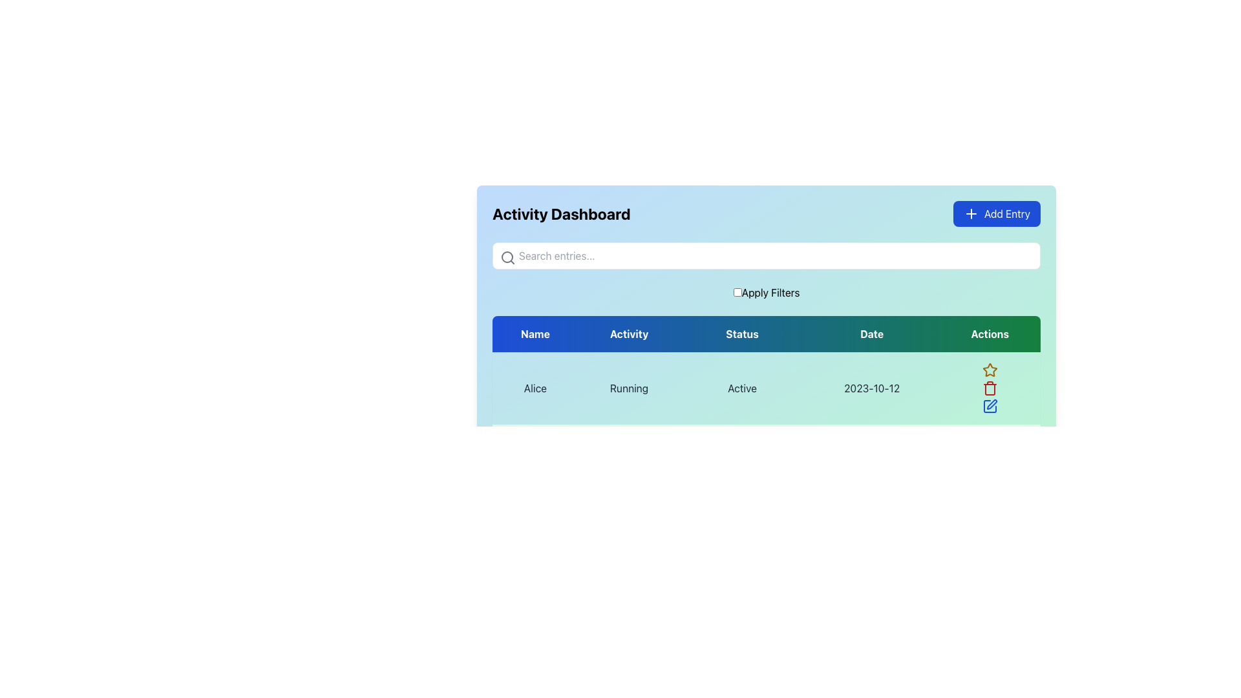  What do you see at coordinates (766, 424) in the screenshot?
I see `to select the first row of the data table containing the texts 'Alice', 'Running', 'Active', and '2023-10-12'` at bounding box center [766, 424].